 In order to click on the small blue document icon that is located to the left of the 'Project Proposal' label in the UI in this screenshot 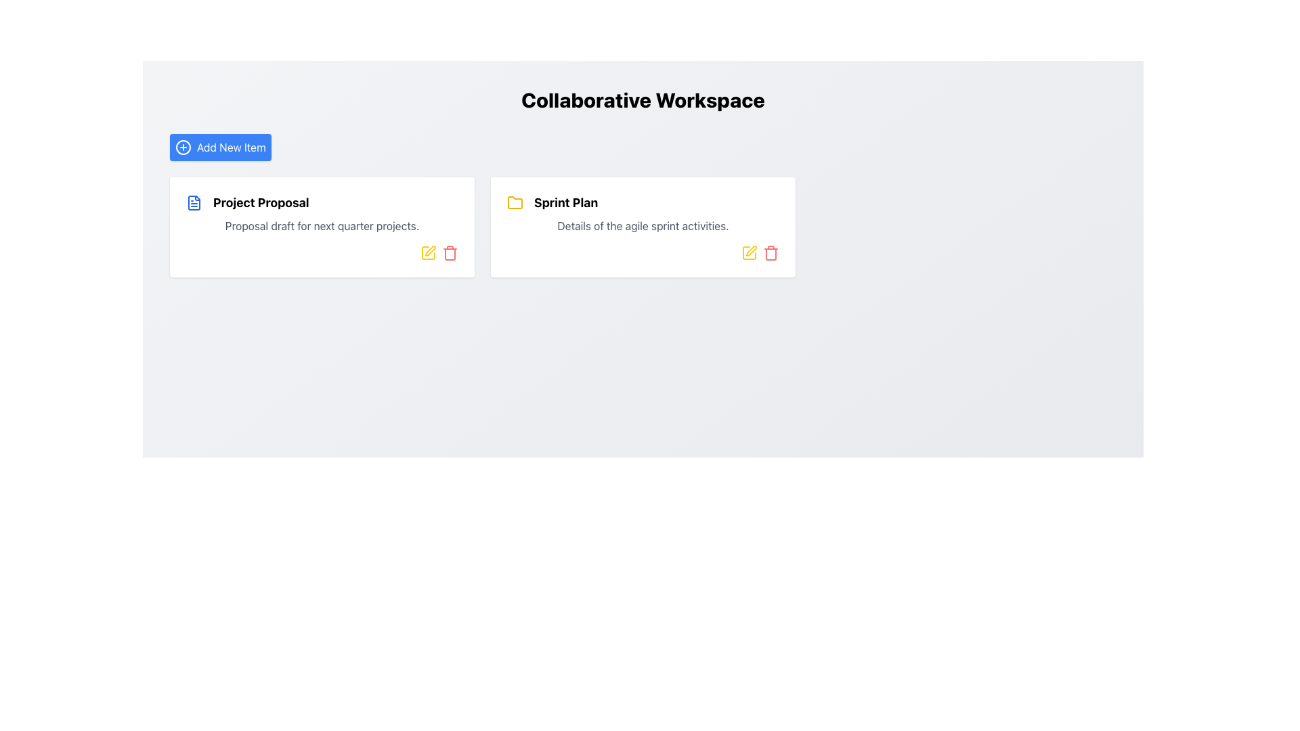, I will do `click(194, 203)`.